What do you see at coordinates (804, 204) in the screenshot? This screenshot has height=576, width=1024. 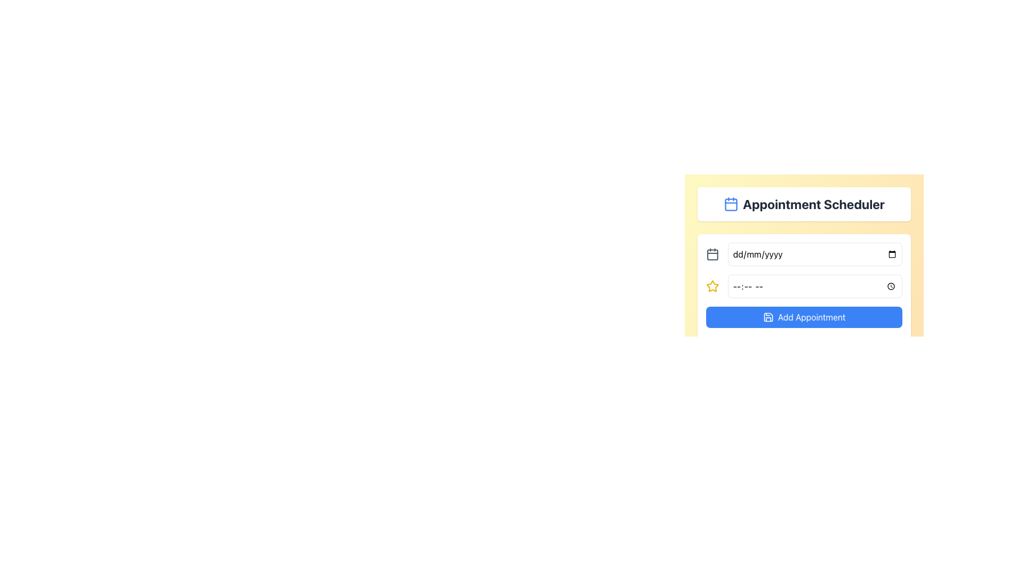 I see `the content of the Header or Title Bar displaying 'Appointment Scheduler' with a calendar icon on the left` at bounding box center [804, 204].